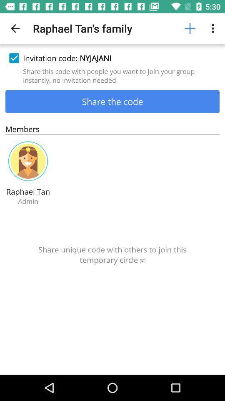 The width and height of the screenshot is (225, 401). I want to click on the item next to raphael tan s app, so click(190, 28).